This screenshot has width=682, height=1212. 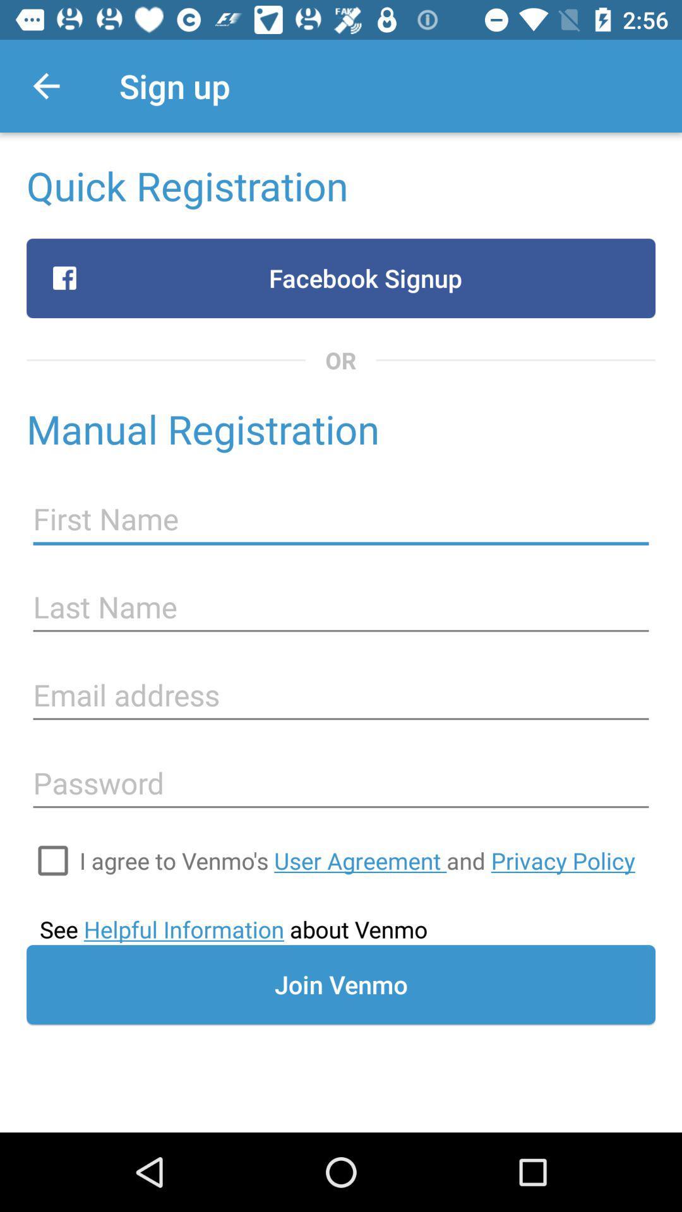 I want to click on the facebook signup, so click(x=341, y=278).